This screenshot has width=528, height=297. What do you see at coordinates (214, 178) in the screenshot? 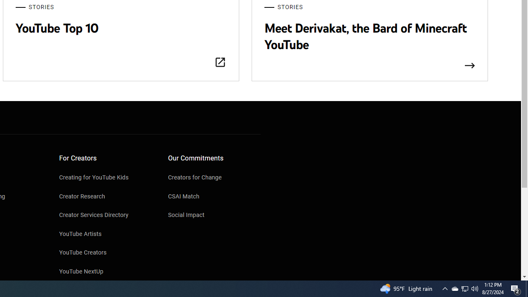
I see `'Creators for Change'` at bounding box center [214, 178].